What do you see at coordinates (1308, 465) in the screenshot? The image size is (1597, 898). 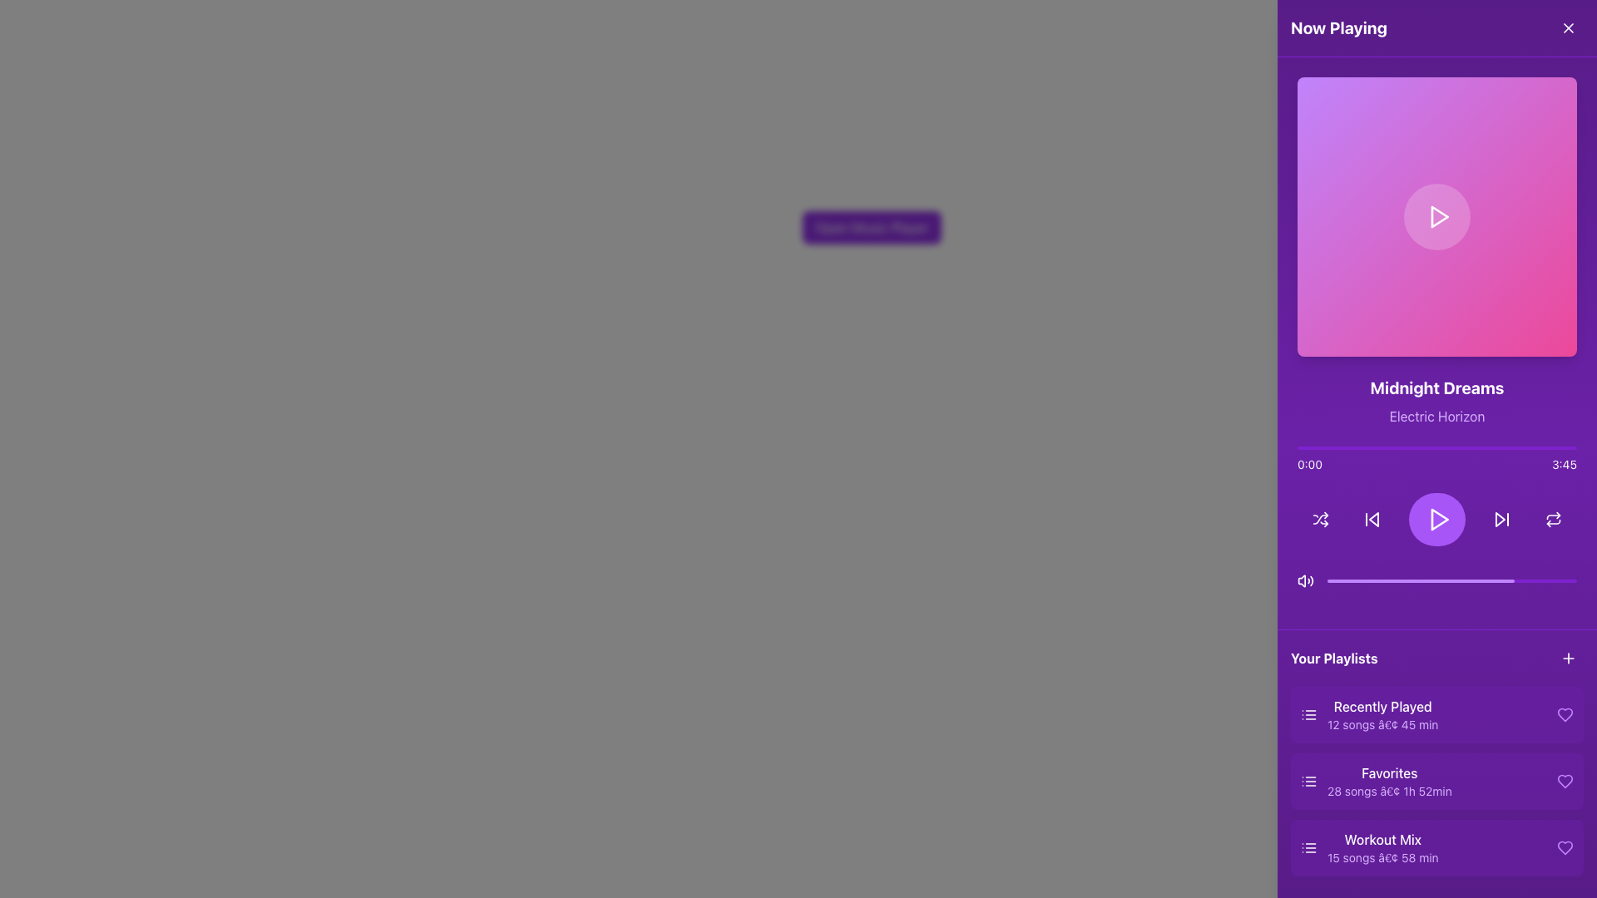 I see `the time information displayed in the text label showing '0:00', which is styled in white text on a purple background, positioned at the left end of the audio progress bar` at bounding box center [1308, 465].